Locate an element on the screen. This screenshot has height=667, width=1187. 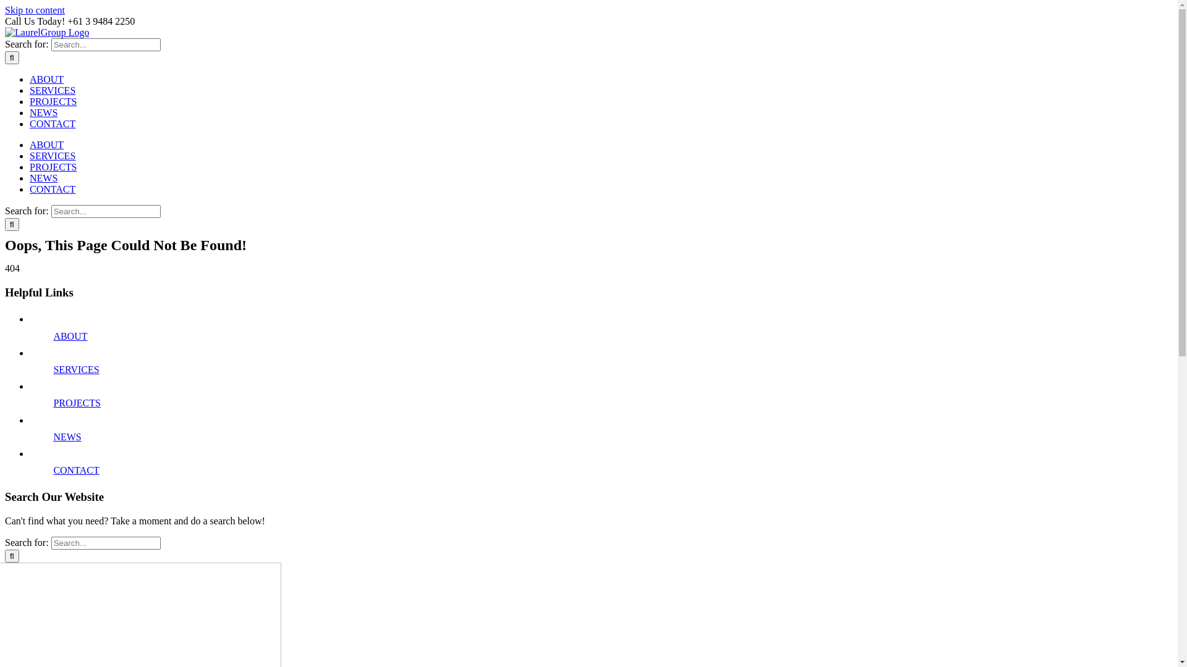
'ABOUT' is located at coordinates (30, 144).